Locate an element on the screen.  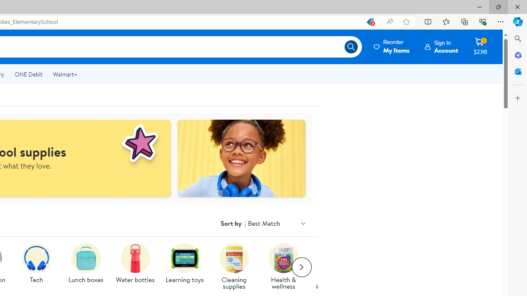
'Cleaning supplies' is located at coordinates (233, 258).